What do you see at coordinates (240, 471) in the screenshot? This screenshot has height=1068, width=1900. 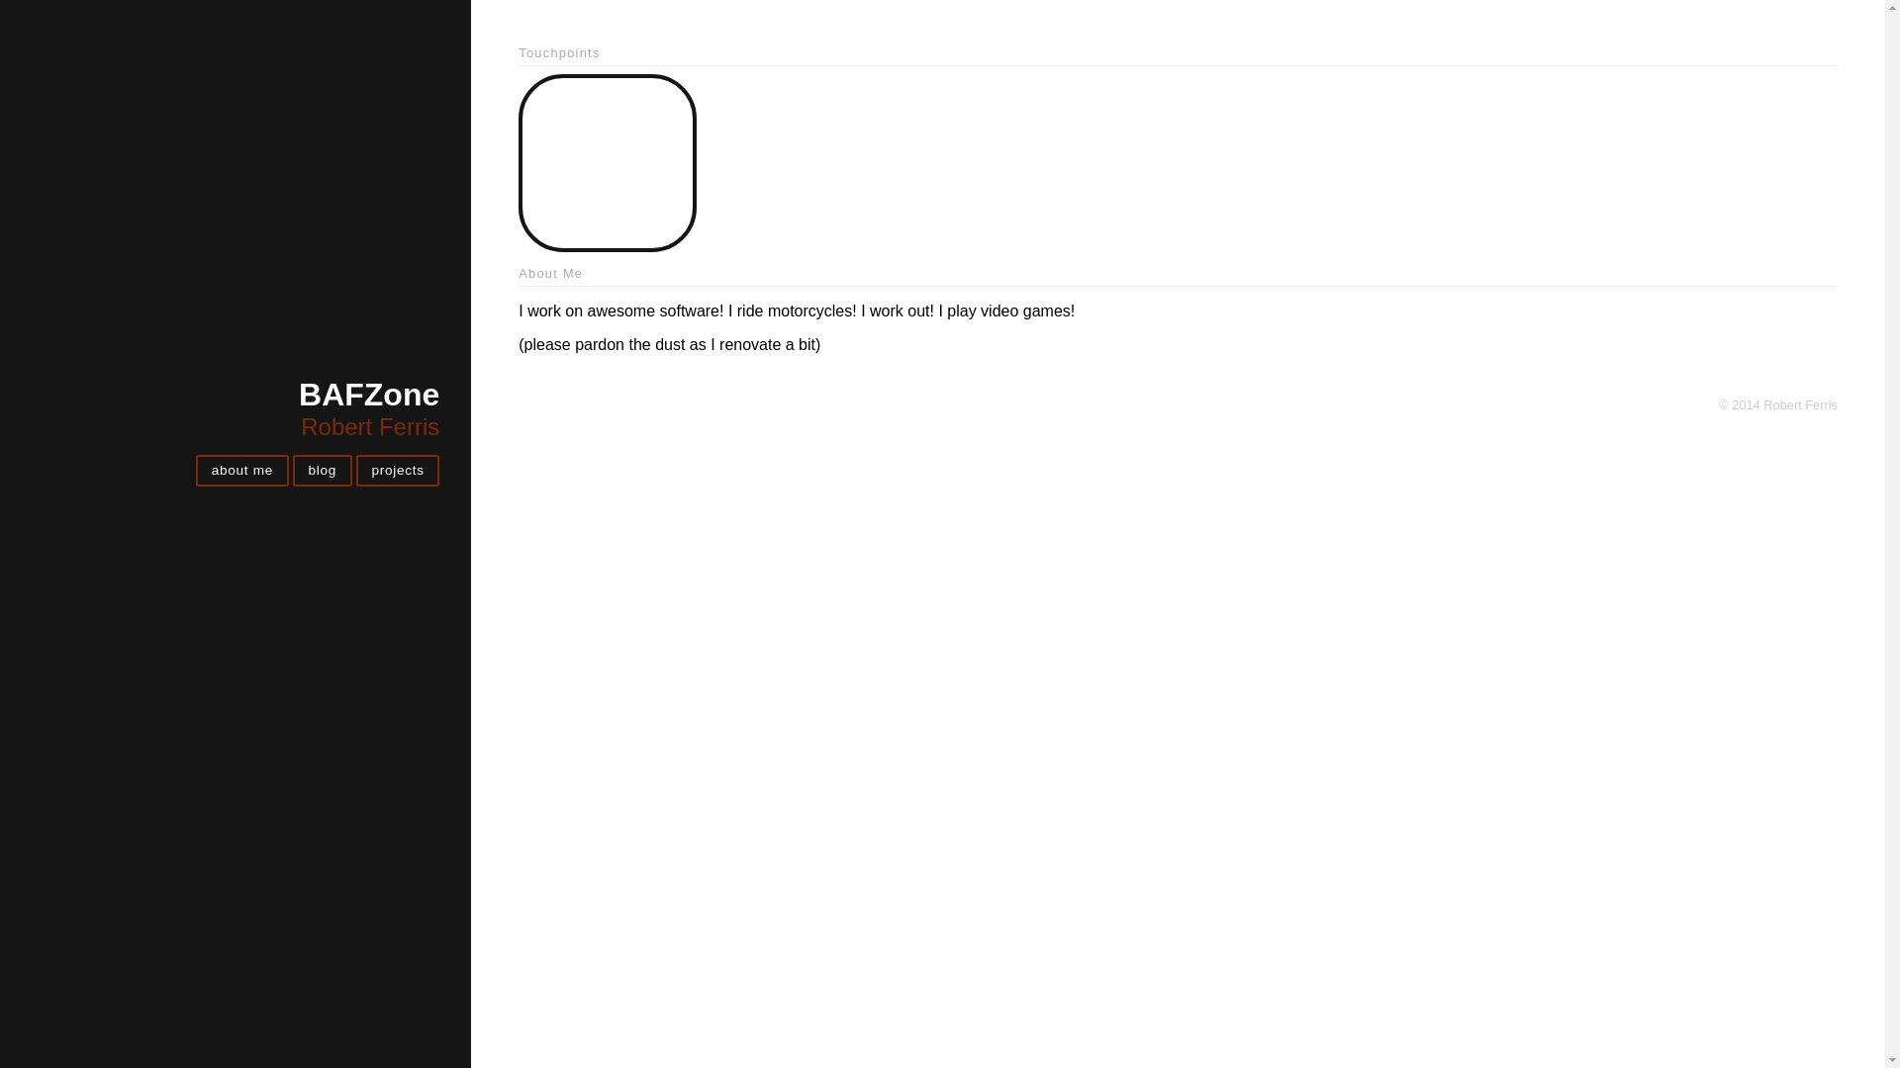 I see `'about me'` at bounding box center [240, 471].